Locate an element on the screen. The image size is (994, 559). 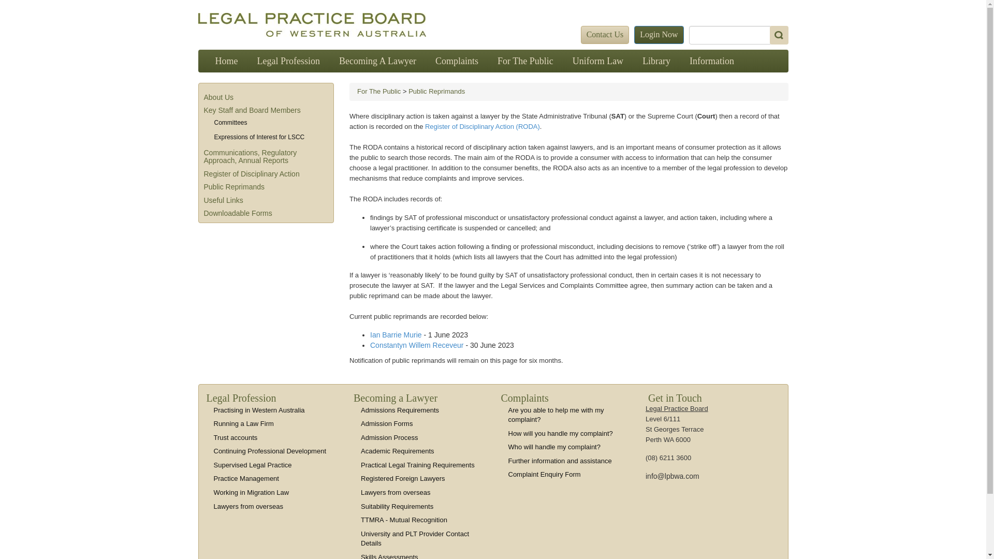
'For The Public' is located at coordinates (525, 61).